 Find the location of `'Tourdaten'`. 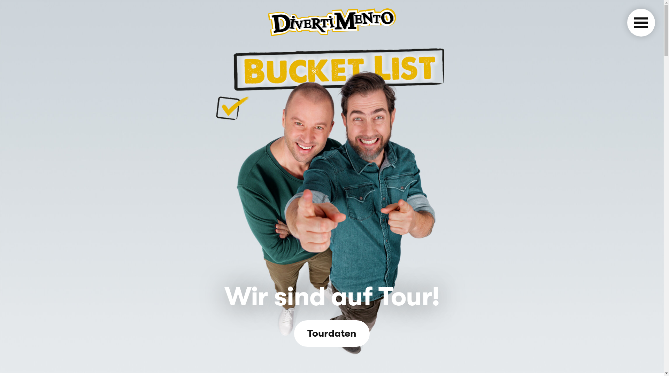

'Tourdaten' is located at coordinates (331, 333).